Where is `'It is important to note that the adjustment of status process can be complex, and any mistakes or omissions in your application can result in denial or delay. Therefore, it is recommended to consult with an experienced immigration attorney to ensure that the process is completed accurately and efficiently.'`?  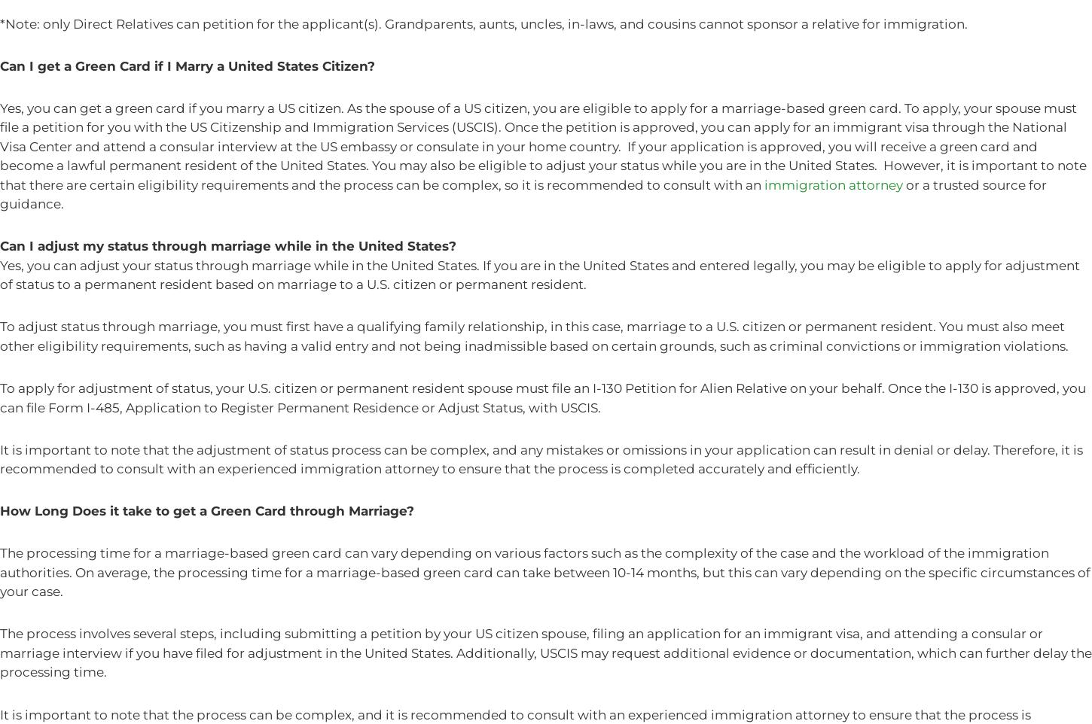
'It is important to note that the adjustment of status process can be complex, and any mistakes or omissions in your application can result in denial or delay. Therefore, it is recommended to consult with an experienced immigration attorney to ensure that the process is completed accurately and efficiently.' is located at coordinates (541, 458).